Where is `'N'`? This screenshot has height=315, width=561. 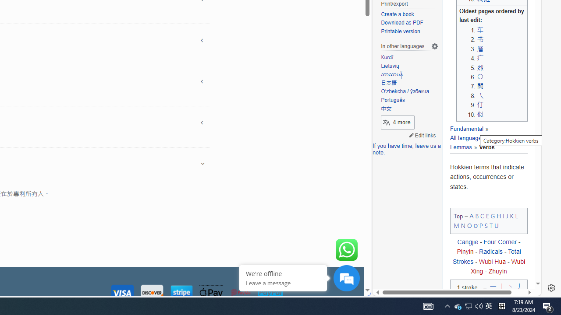 'N' is located at coordinates (462, 225).